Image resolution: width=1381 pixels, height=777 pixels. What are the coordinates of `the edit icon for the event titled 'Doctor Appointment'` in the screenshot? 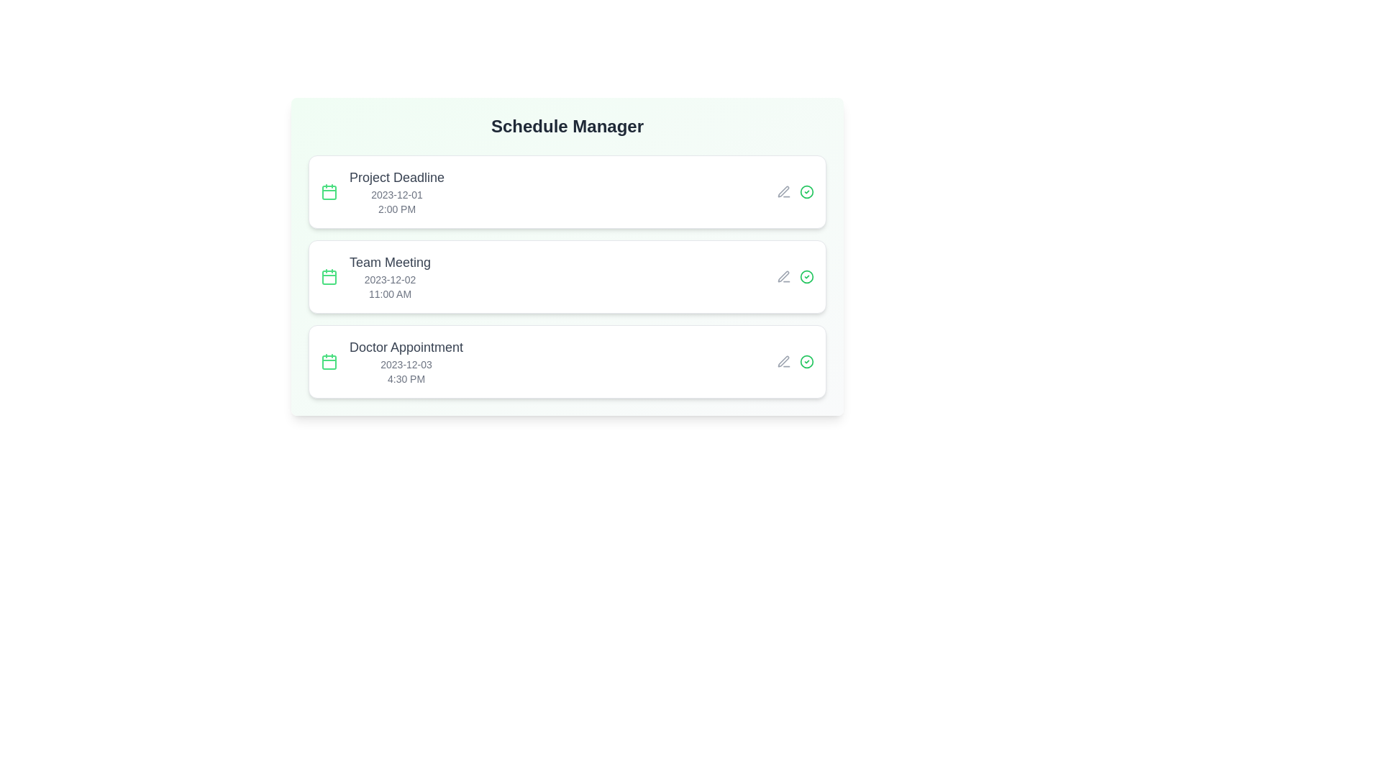 It's located at (783, 360).